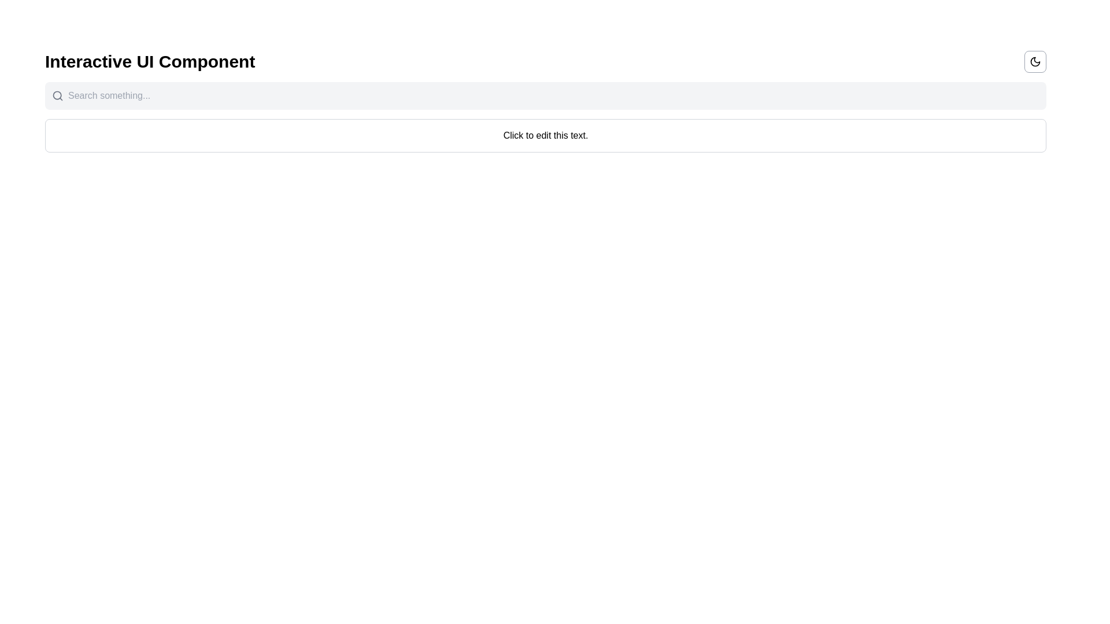  What do you see at coordinates (149, 62) in the screenshot?
I see `the heading text that provides context to the user about the content or functionality of the page, located at the top-left corner of the interface` at bounding box center [149, 62].